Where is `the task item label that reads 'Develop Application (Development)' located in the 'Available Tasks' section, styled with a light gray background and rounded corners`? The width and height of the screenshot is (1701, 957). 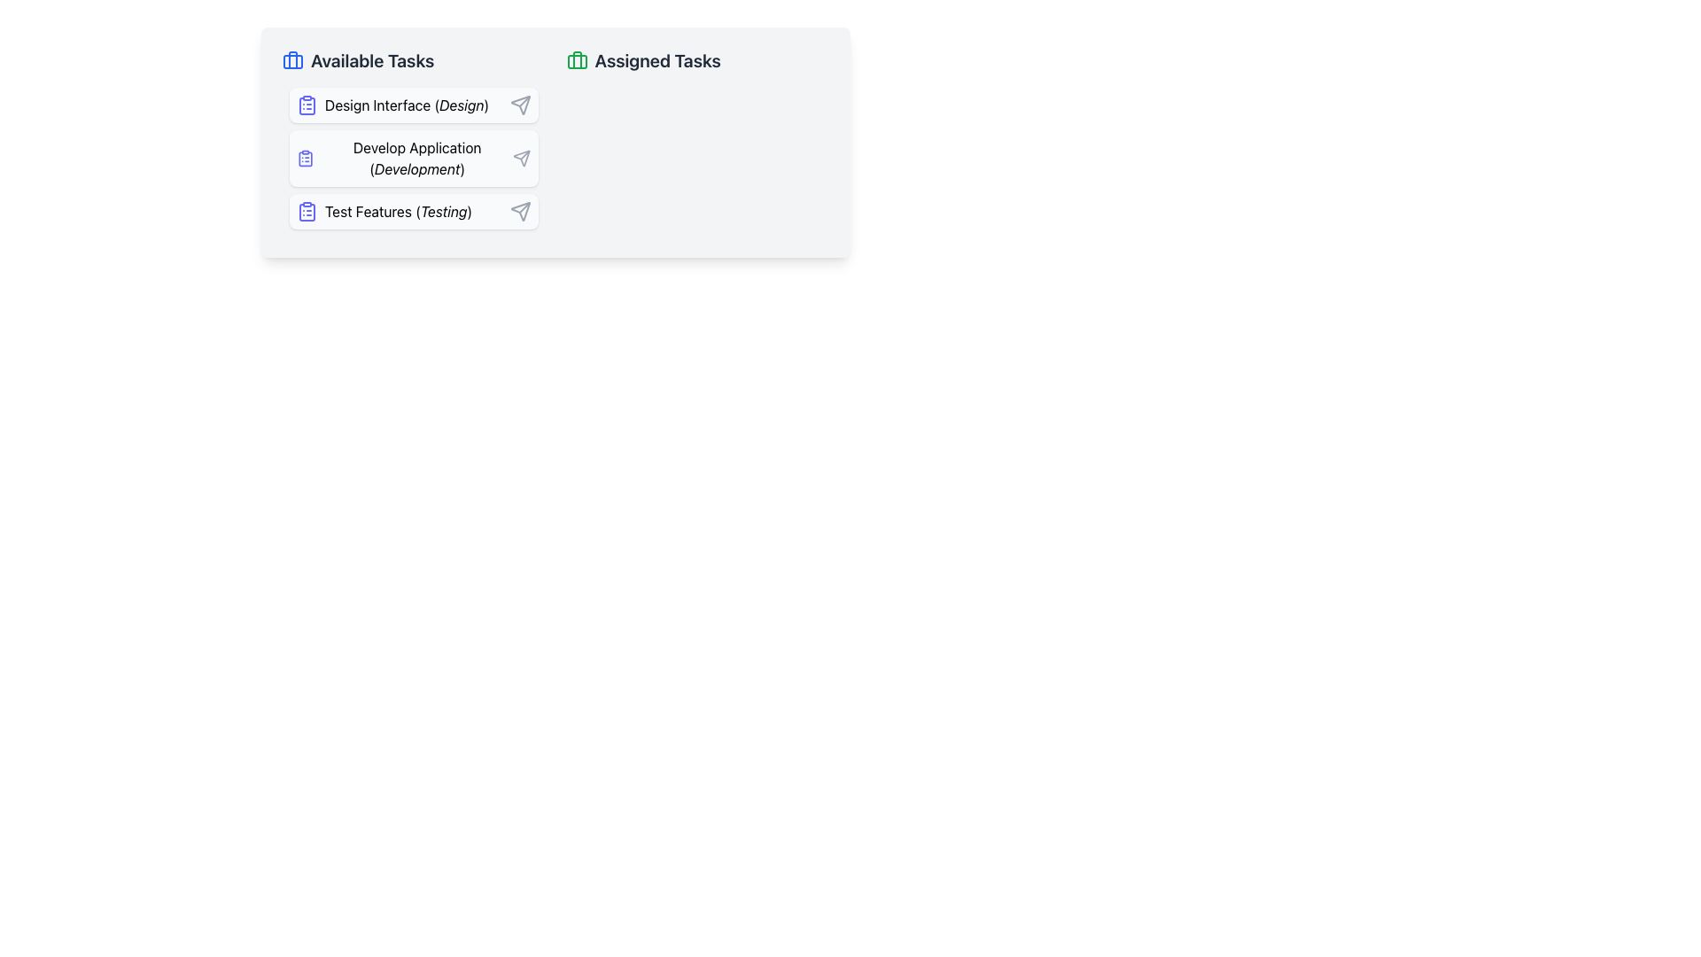
the task item label that reads 'Develop Application (Development)' located in the 'Available Tasks' section, styled with a light gray background and rounded corners is located at coordinates (413, 157).